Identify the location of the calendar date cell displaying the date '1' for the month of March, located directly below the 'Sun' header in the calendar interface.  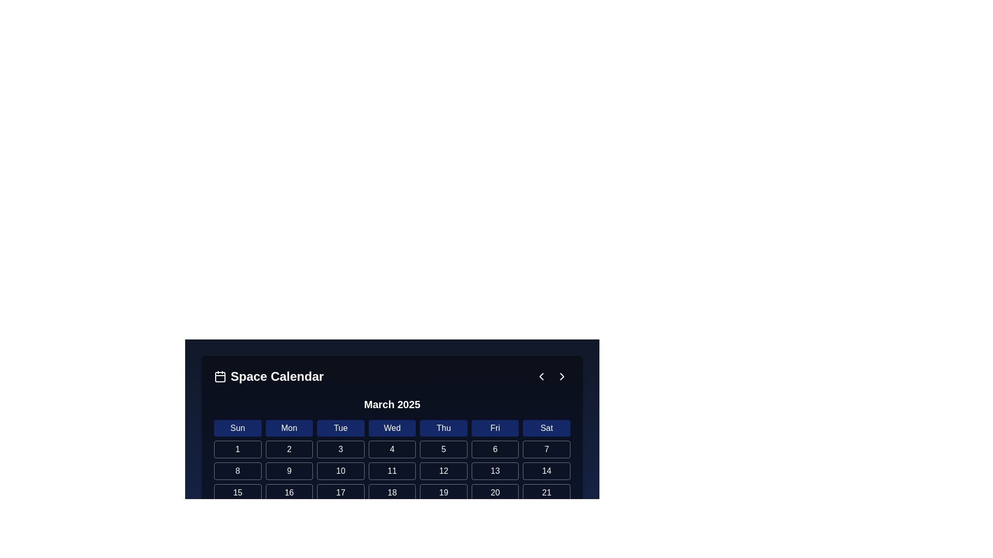
(237, 449).